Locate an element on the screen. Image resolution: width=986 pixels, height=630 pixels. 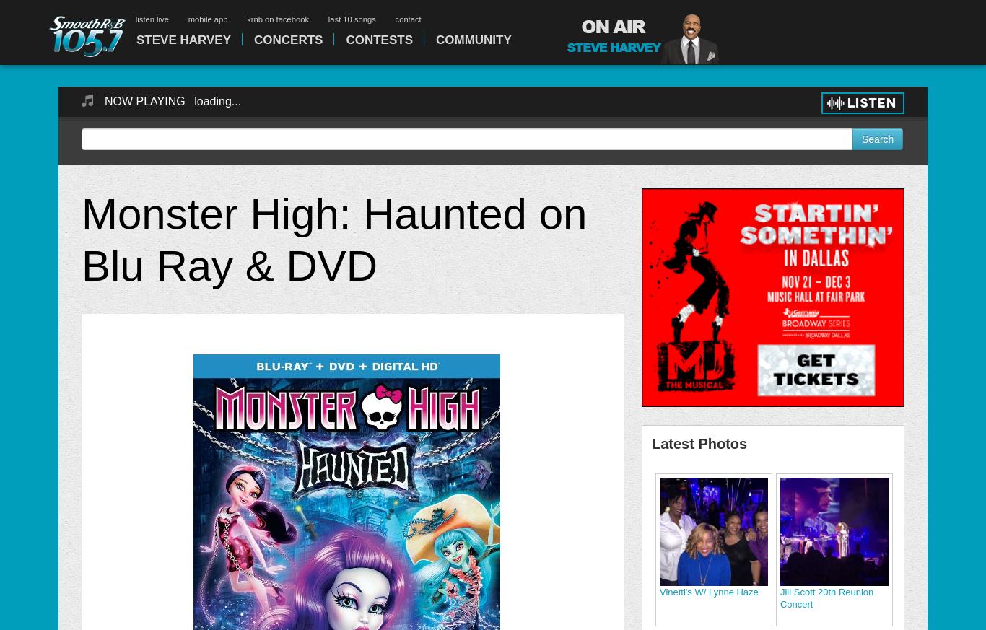
'contact' is located at coordinates (407, 18).